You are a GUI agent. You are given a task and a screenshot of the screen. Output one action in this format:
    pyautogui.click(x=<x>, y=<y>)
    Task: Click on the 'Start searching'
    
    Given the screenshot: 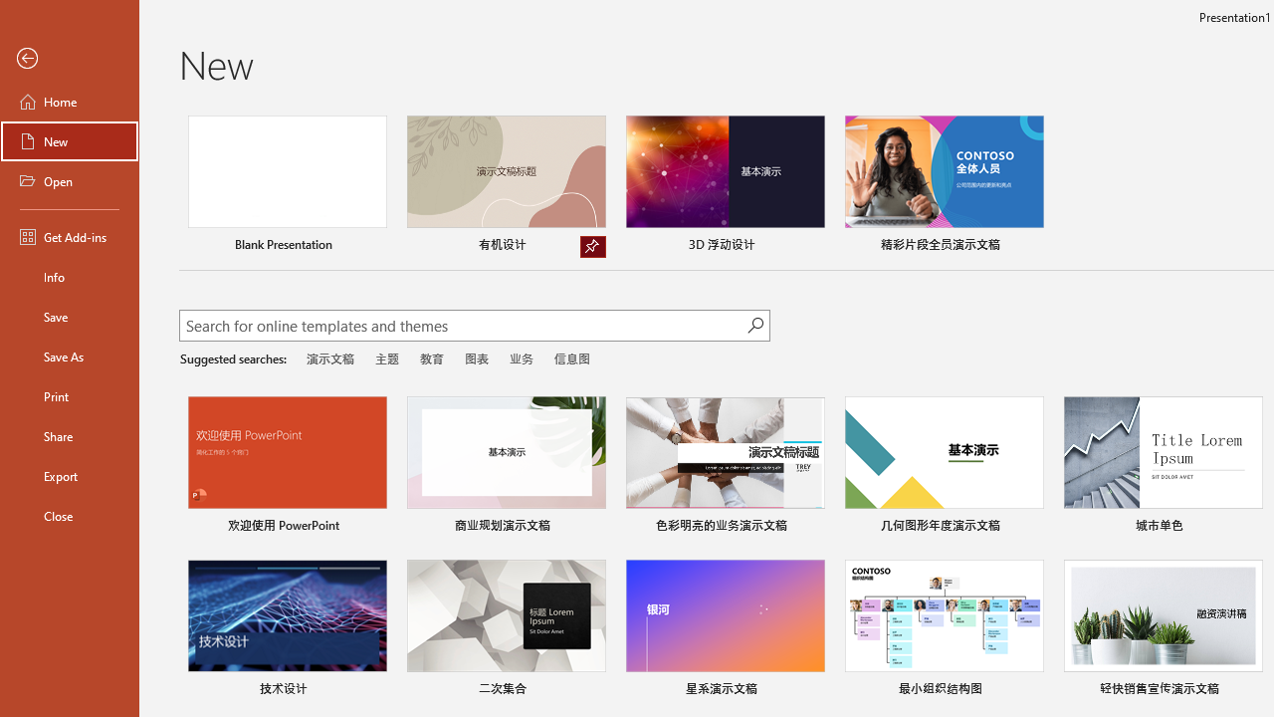 What is the action you would take?
    pyautogui.click(x=754, y=324)
    